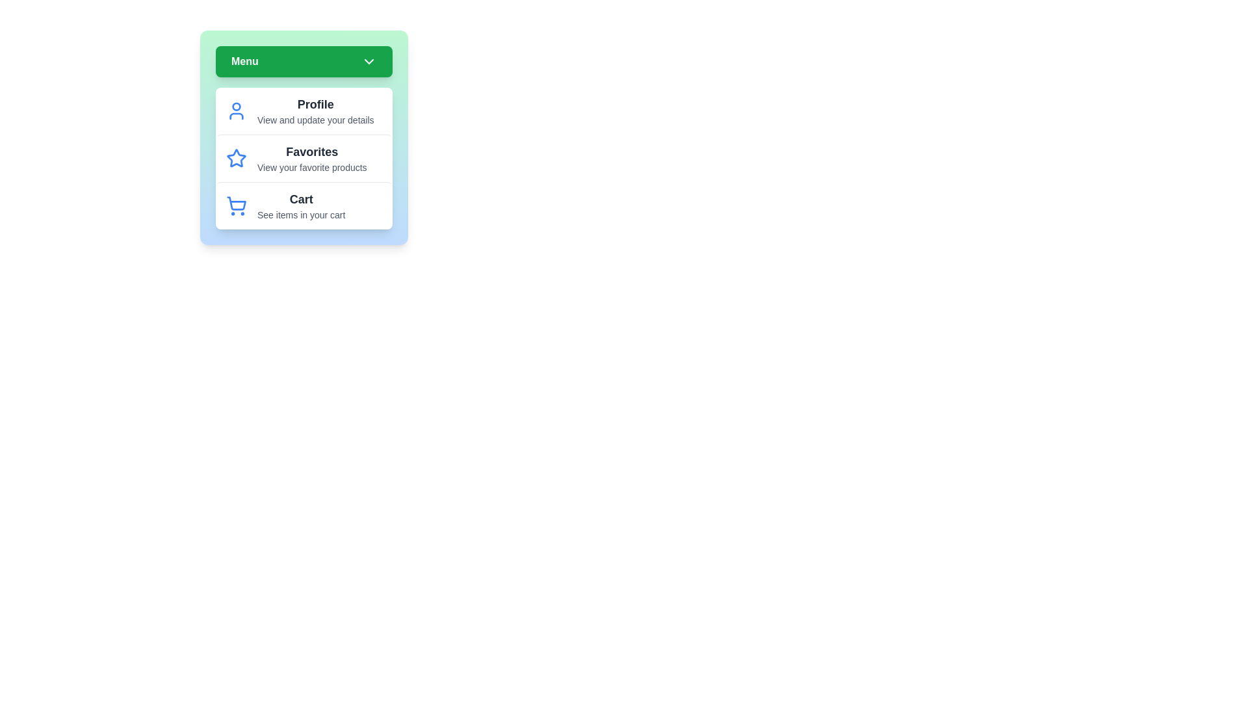 Image resolution: width=1248 pixels, height=702 pixels. Describe the element at coordinates (303, 110) in the screenshot. I see `the 'Profile' option in the menu` at that location.